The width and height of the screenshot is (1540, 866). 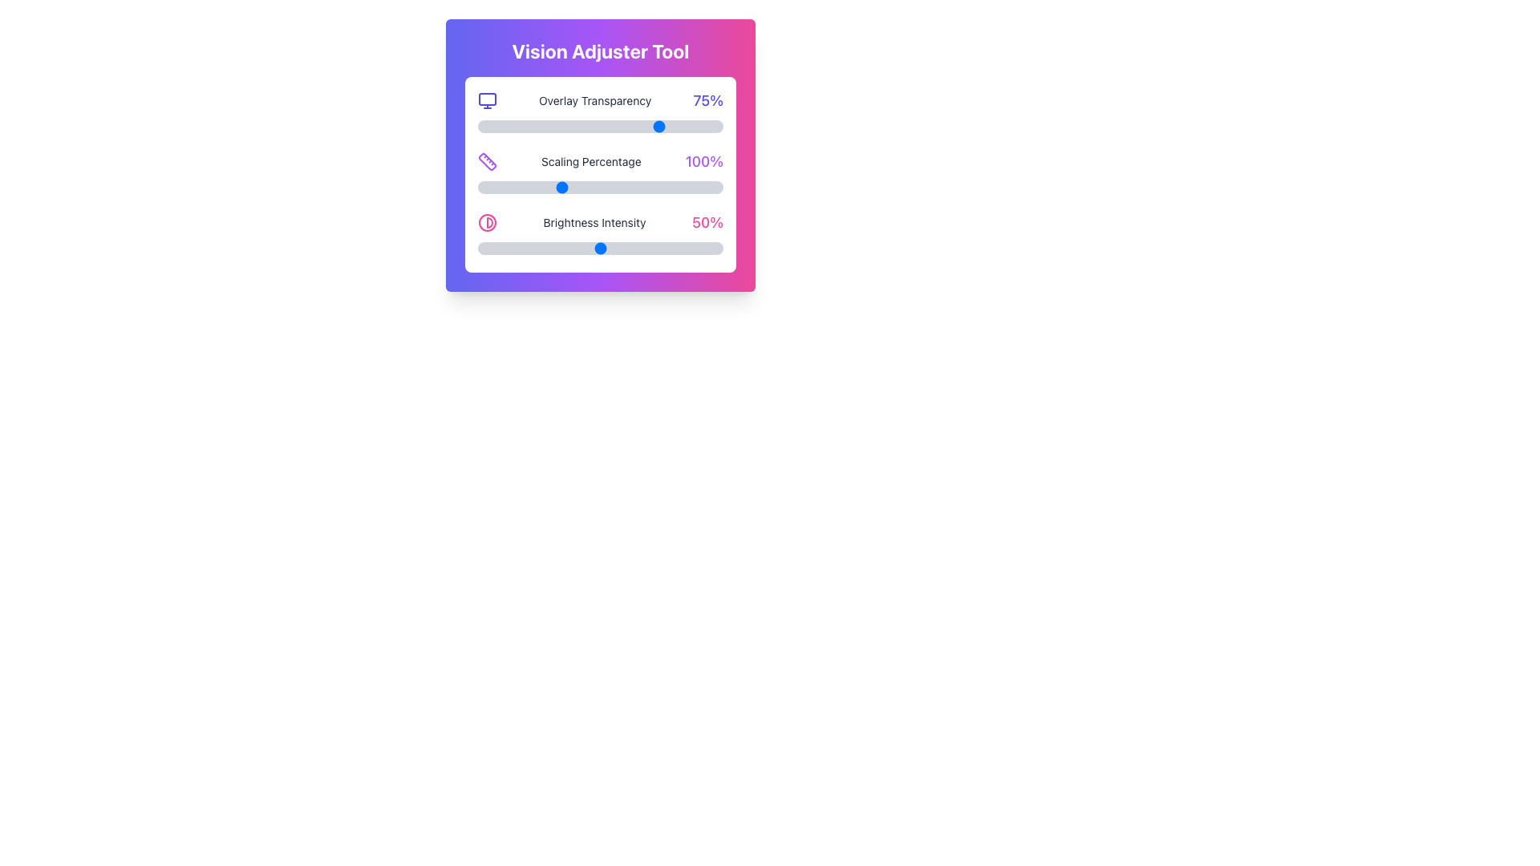 I want to click on the percentage value displayed in the descriptive indicator for the transparency adjustment of the overlay, which is located at the top of the 'Vision Adjuster Tool' panel, so click(x=599, y=101).